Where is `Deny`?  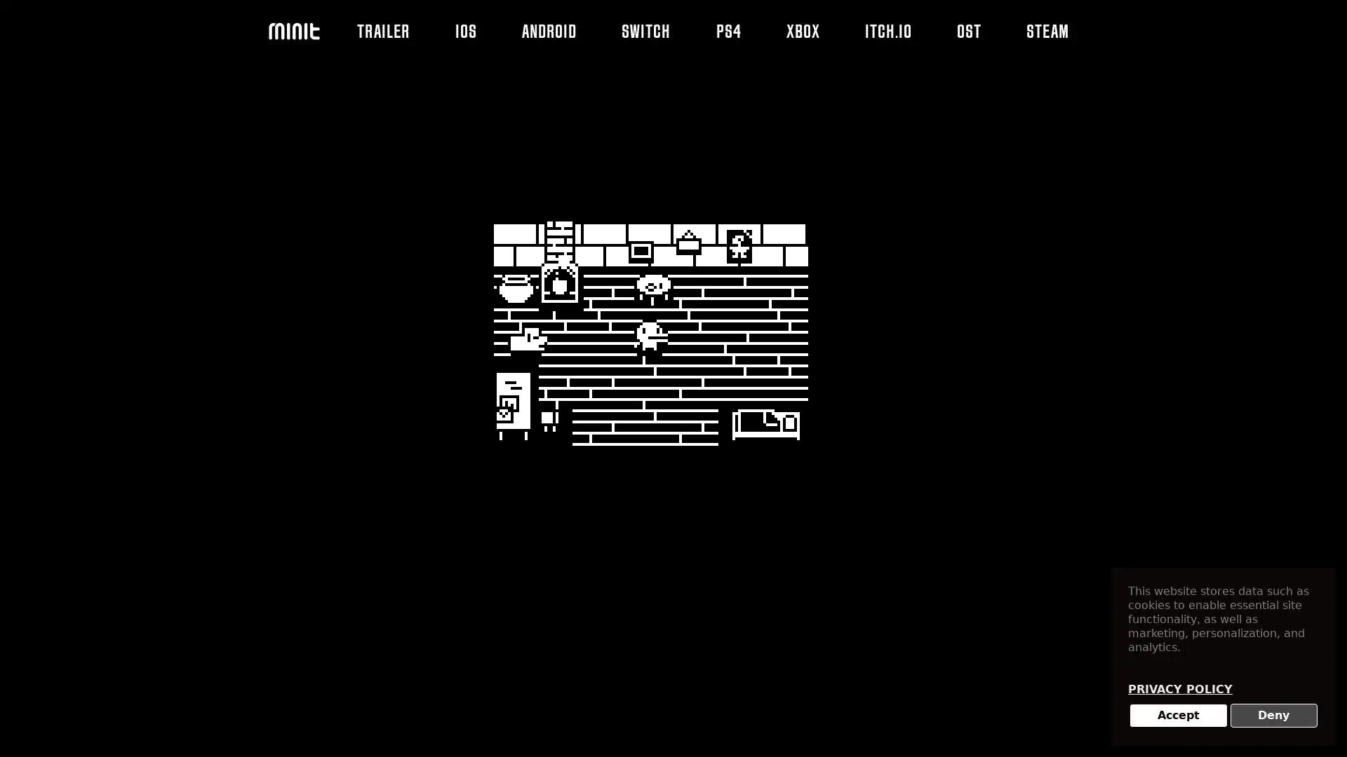
Deny is located at coordinates (1273, 716).